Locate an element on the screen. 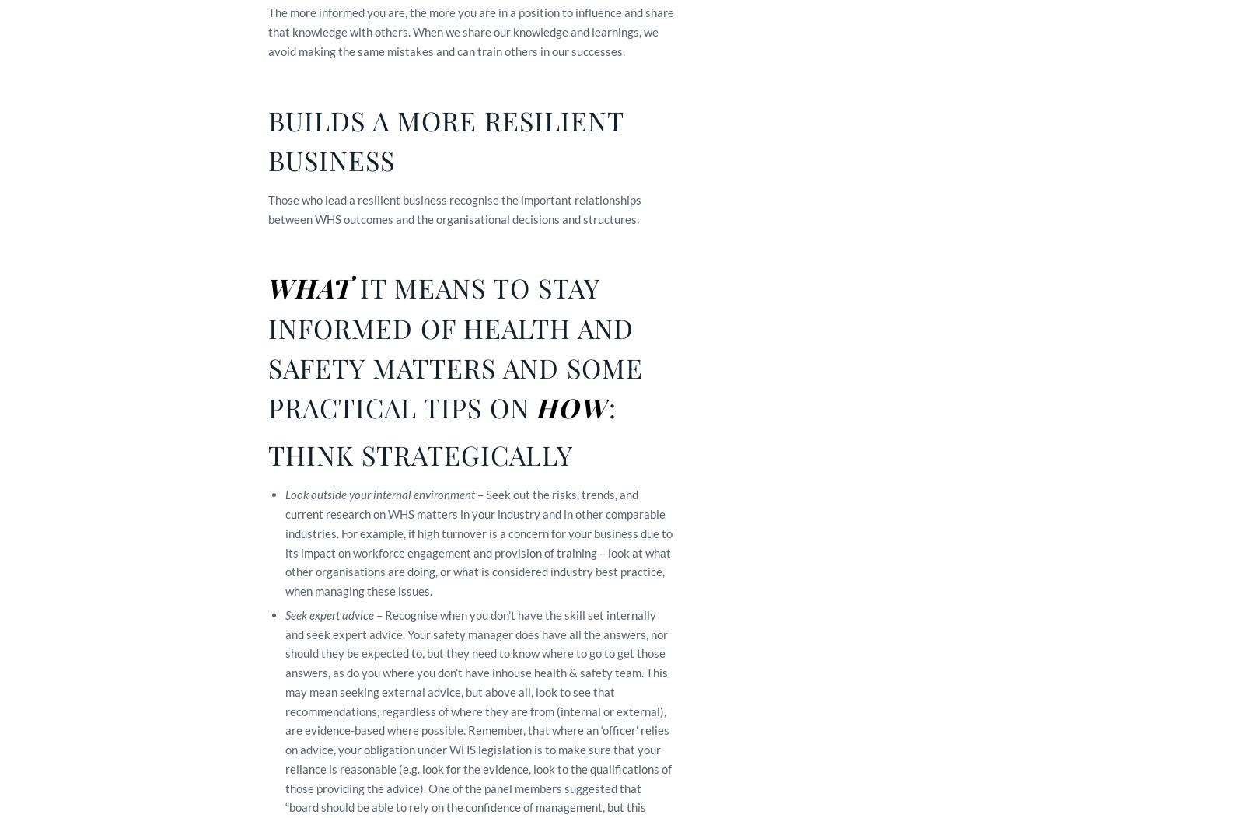 Image resolution: width=1244 pixels, height=818 pixels. '– Seek out the risks, trends, and current research on WHS matters in your industry and in other comparable industries. For example, if high turnover is a concern for your business due to its impact on workforce engagement and provision of training – look at what other organisations are doing, or what is considered industry best practice, when managing these issues.' is located at coordinates (479, 542).